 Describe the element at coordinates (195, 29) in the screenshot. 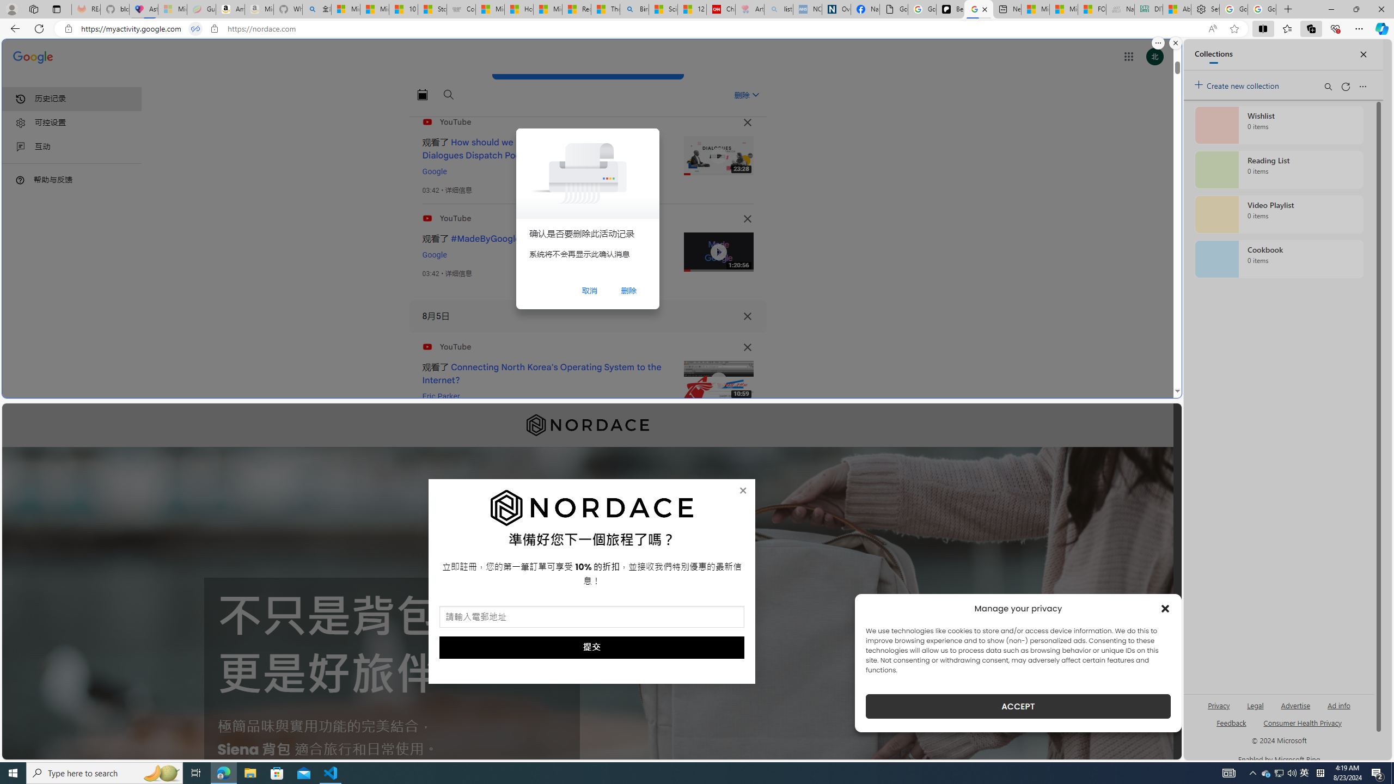

I see `'Tabs in split screen'` at that location.